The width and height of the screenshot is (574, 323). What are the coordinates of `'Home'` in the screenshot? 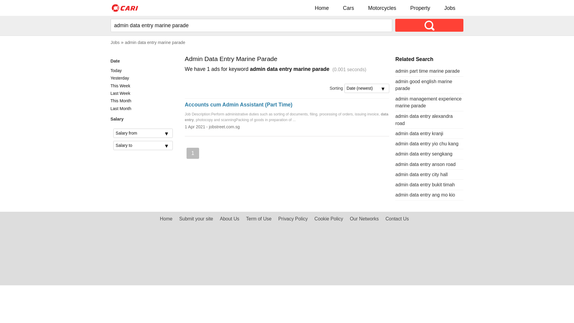 It's located at (310, 8).